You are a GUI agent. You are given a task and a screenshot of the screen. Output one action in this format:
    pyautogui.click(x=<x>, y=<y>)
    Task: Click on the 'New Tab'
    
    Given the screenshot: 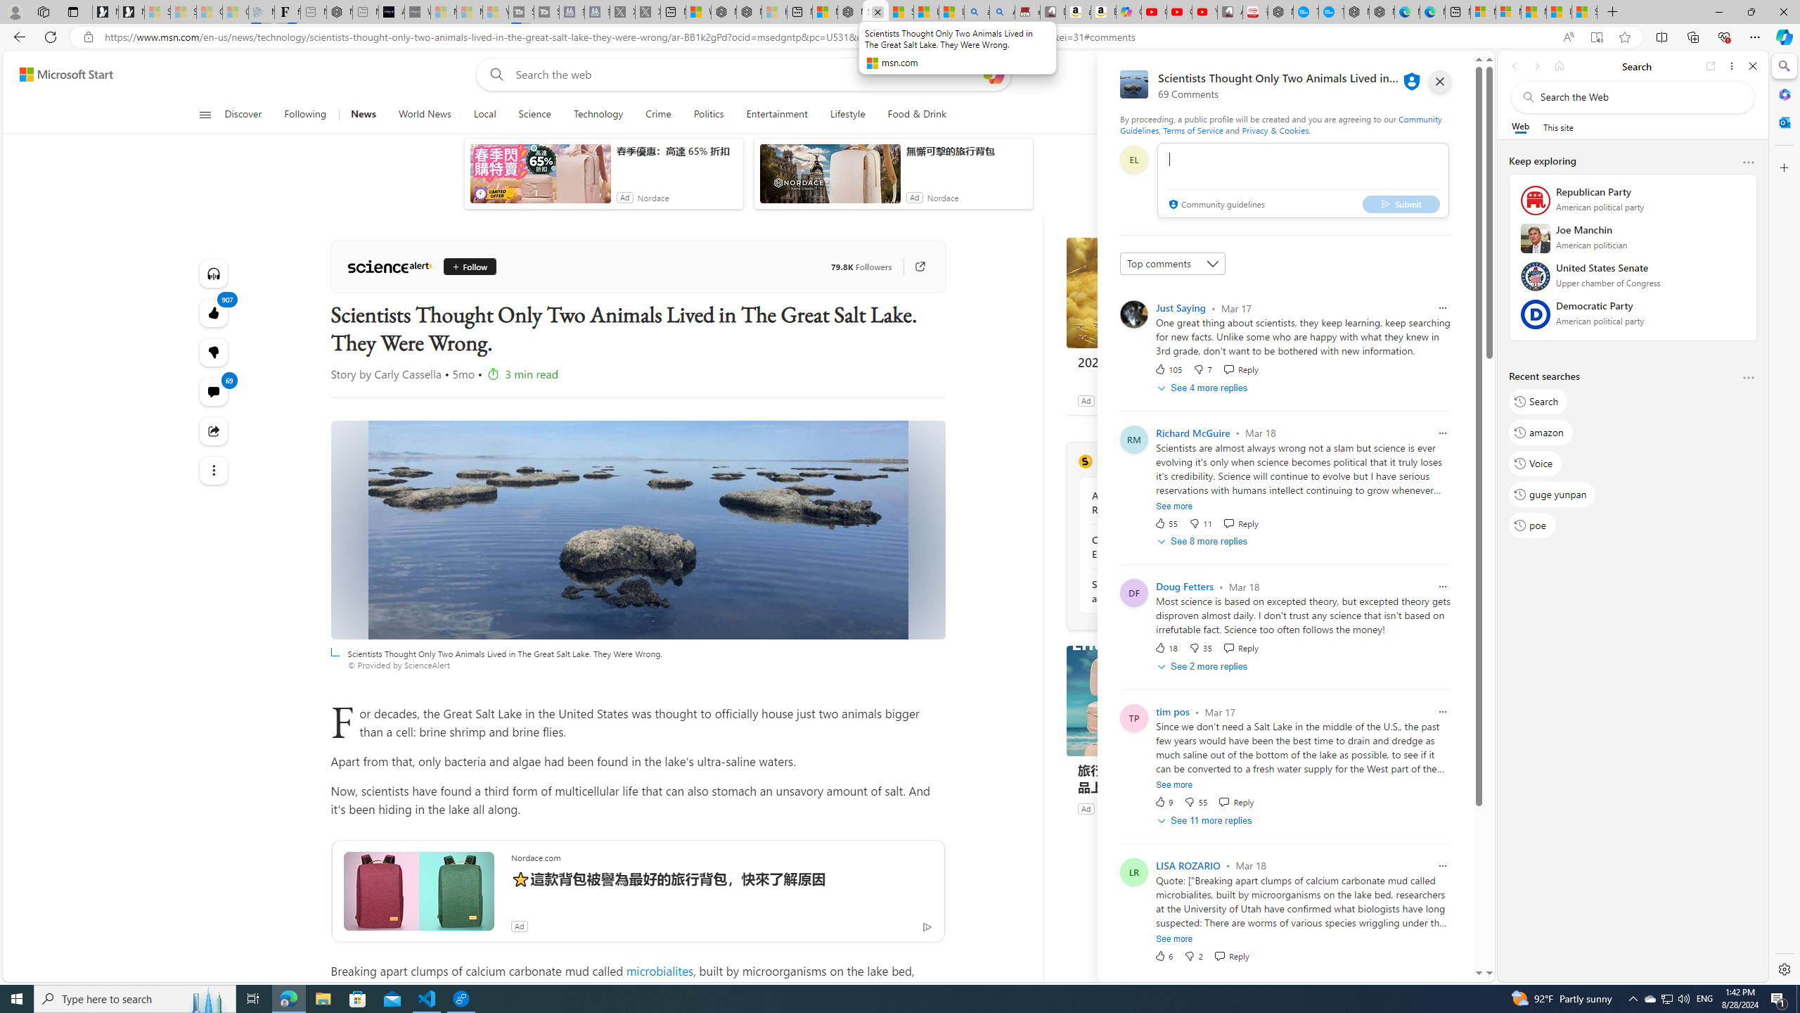 What is the action you would take?
    pyautogui.click(x=1614, y=11)
    